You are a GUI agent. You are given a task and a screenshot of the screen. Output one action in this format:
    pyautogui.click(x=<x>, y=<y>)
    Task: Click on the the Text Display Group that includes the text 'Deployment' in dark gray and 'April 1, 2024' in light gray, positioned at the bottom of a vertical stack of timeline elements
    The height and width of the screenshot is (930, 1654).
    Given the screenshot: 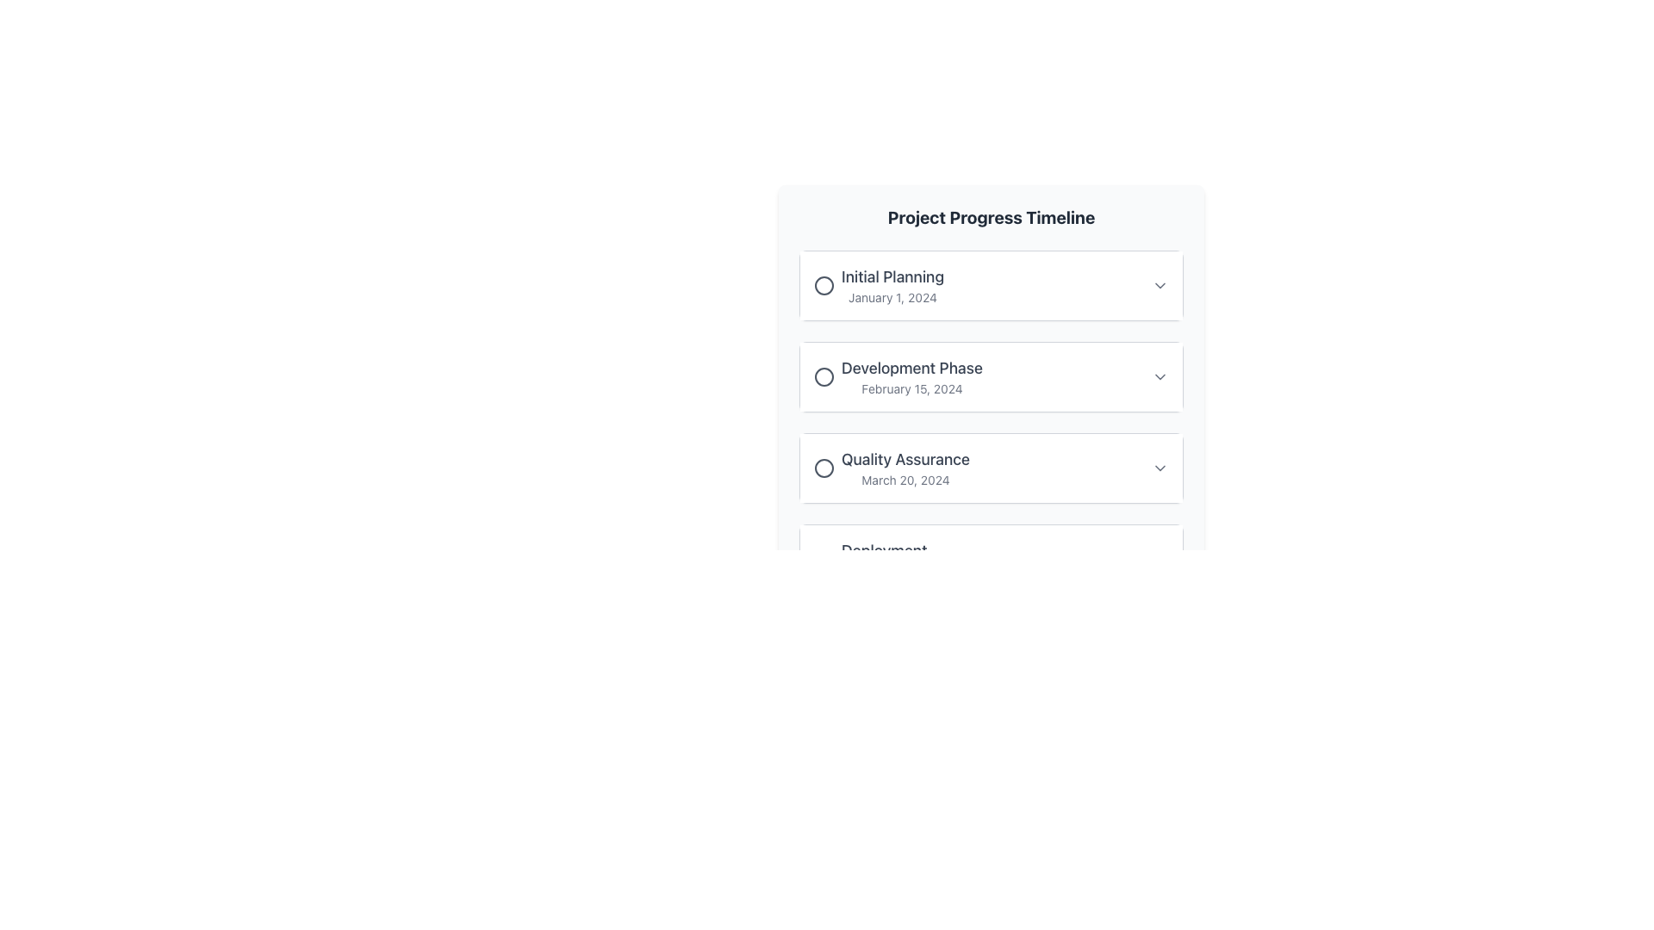 What is the action you would take?
    pyautogui.click(x=870, y=560)
    